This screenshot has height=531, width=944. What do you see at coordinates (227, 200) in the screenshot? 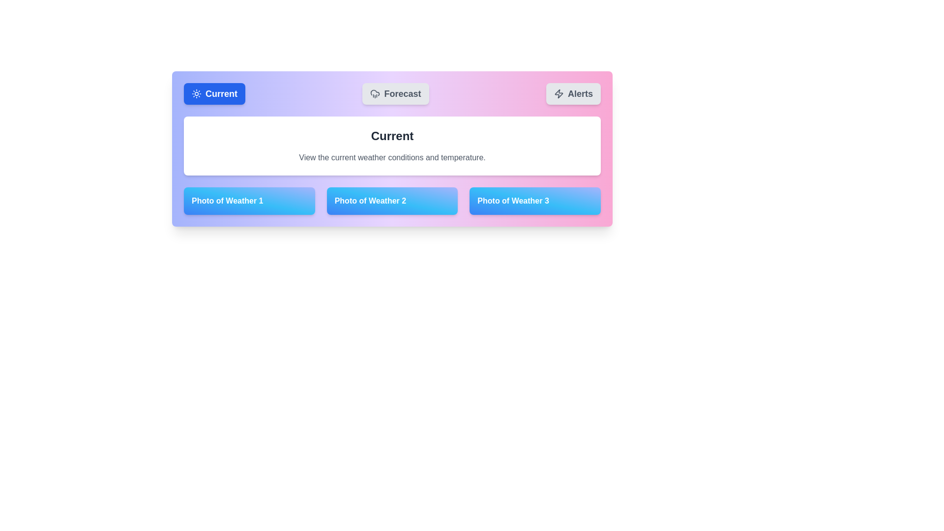
I see `bold text label that states 'Photo of Weather 1', located in the first of three horizontally aligned panels beneath the 'Current' section` at bounding box center [227, 200].